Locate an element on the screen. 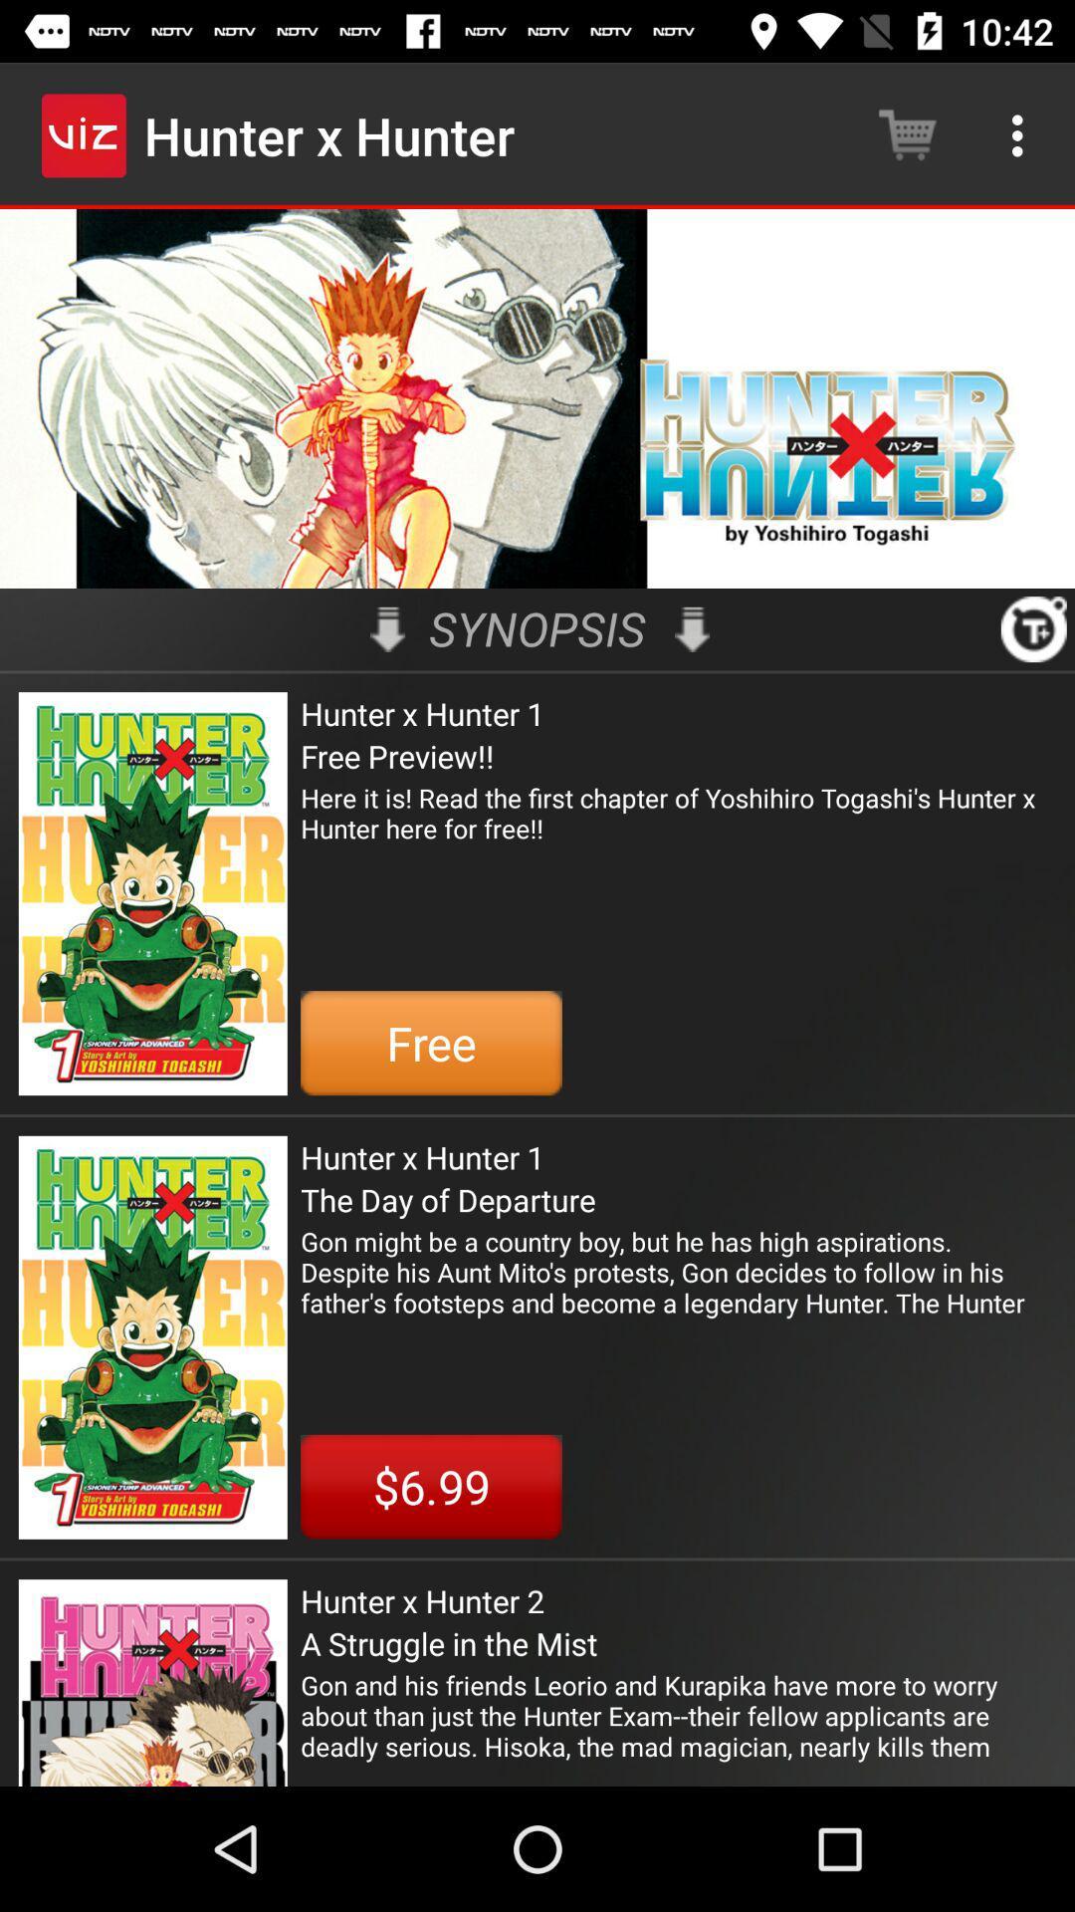 This screenshot has height=1912, width=1075. the icon below free preview!! icon is located at coordinates (677, 829).